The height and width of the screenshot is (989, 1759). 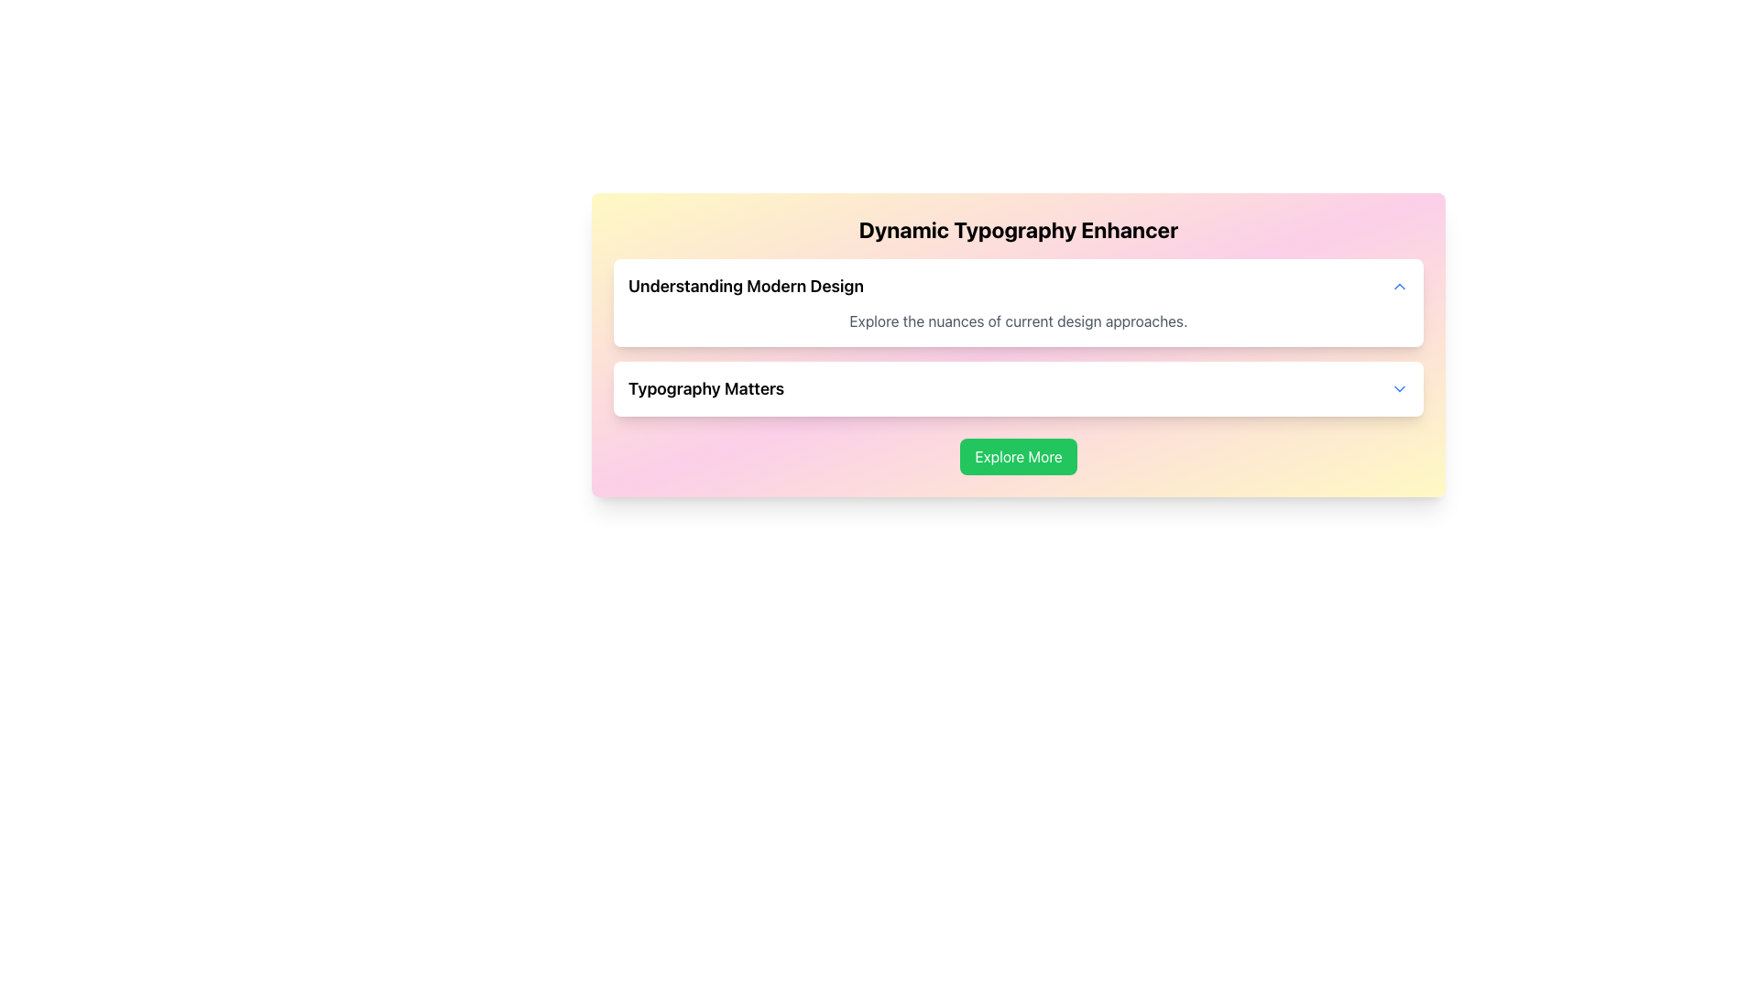 What do you see at coordinates (1018, 455) in the screenshot?
I see `the button located beneath the 'Typography Matters' card in the 'Dynamic Typography Enhancer' application` at bounding box center [1018, 455].